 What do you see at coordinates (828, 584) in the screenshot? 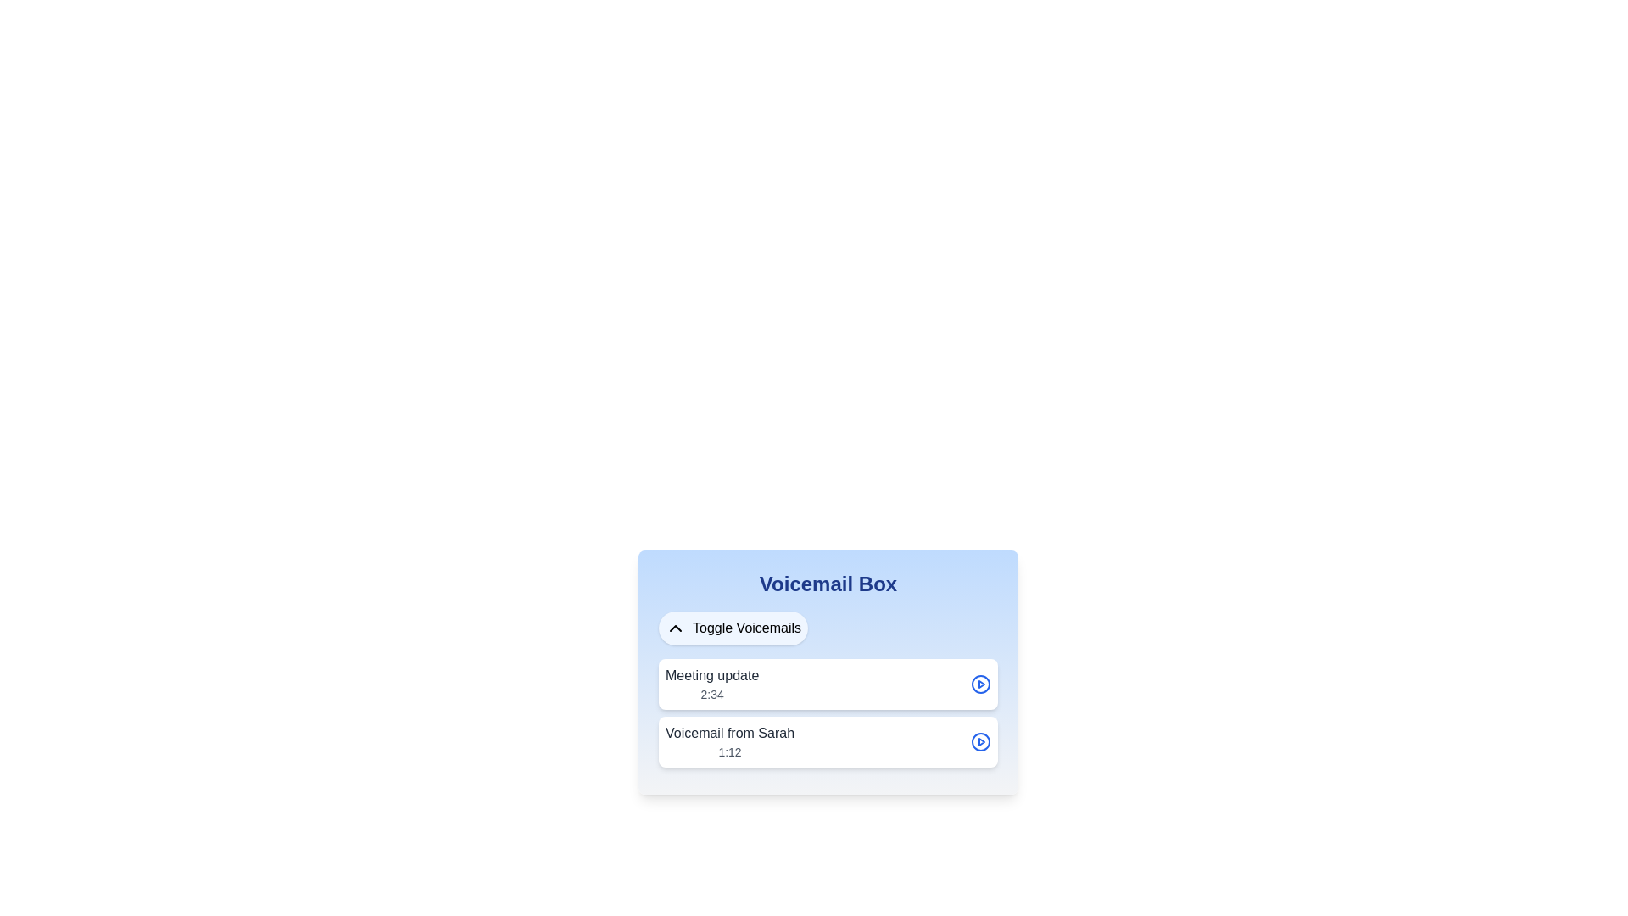
I see `the static text element that identifies the section as 'Voicemail Box', located above the 'Toggle Voicemails' button` at bounding box center [828, 584].